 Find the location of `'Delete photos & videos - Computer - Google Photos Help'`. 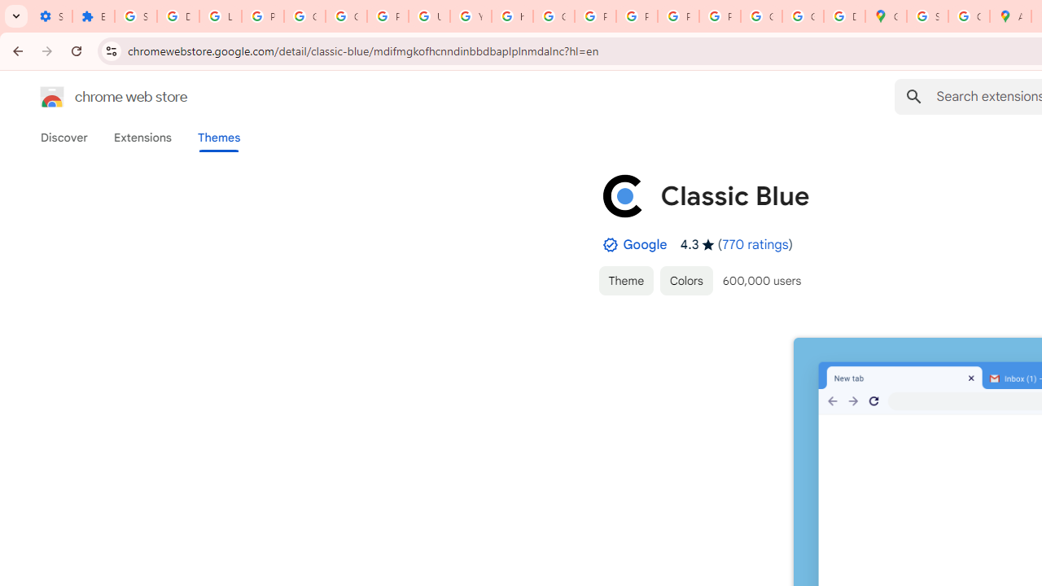

'Delete photos & videos - Computer - Google Photos Help' is located at coordinates (177, 16).